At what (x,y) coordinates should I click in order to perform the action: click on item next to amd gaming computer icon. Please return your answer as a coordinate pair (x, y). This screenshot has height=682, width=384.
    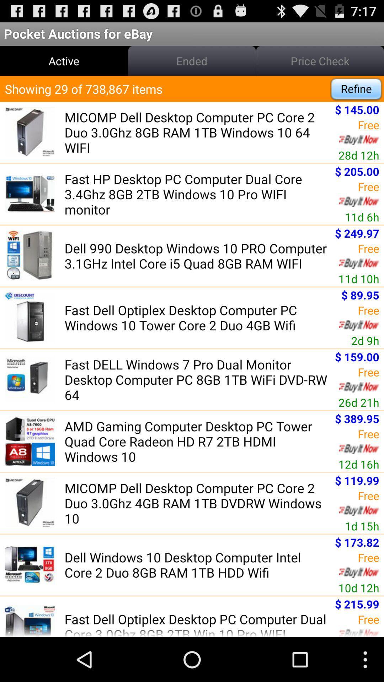
    Looking at the image, I should click on (359, 464).